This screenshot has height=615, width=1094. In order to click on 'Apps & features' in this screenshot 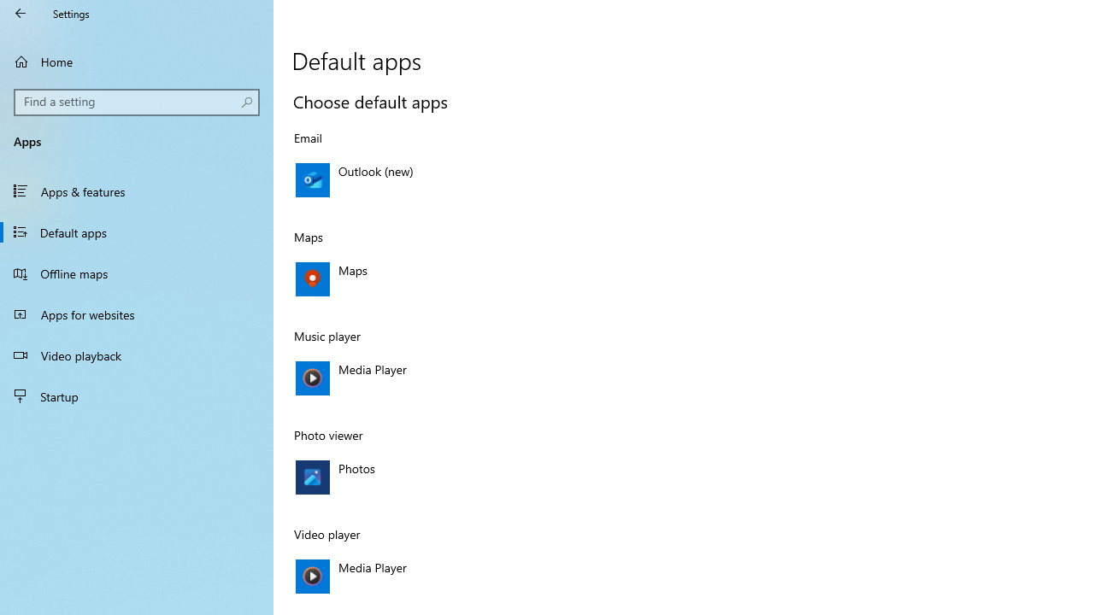, I will do `click(137, 190)`.